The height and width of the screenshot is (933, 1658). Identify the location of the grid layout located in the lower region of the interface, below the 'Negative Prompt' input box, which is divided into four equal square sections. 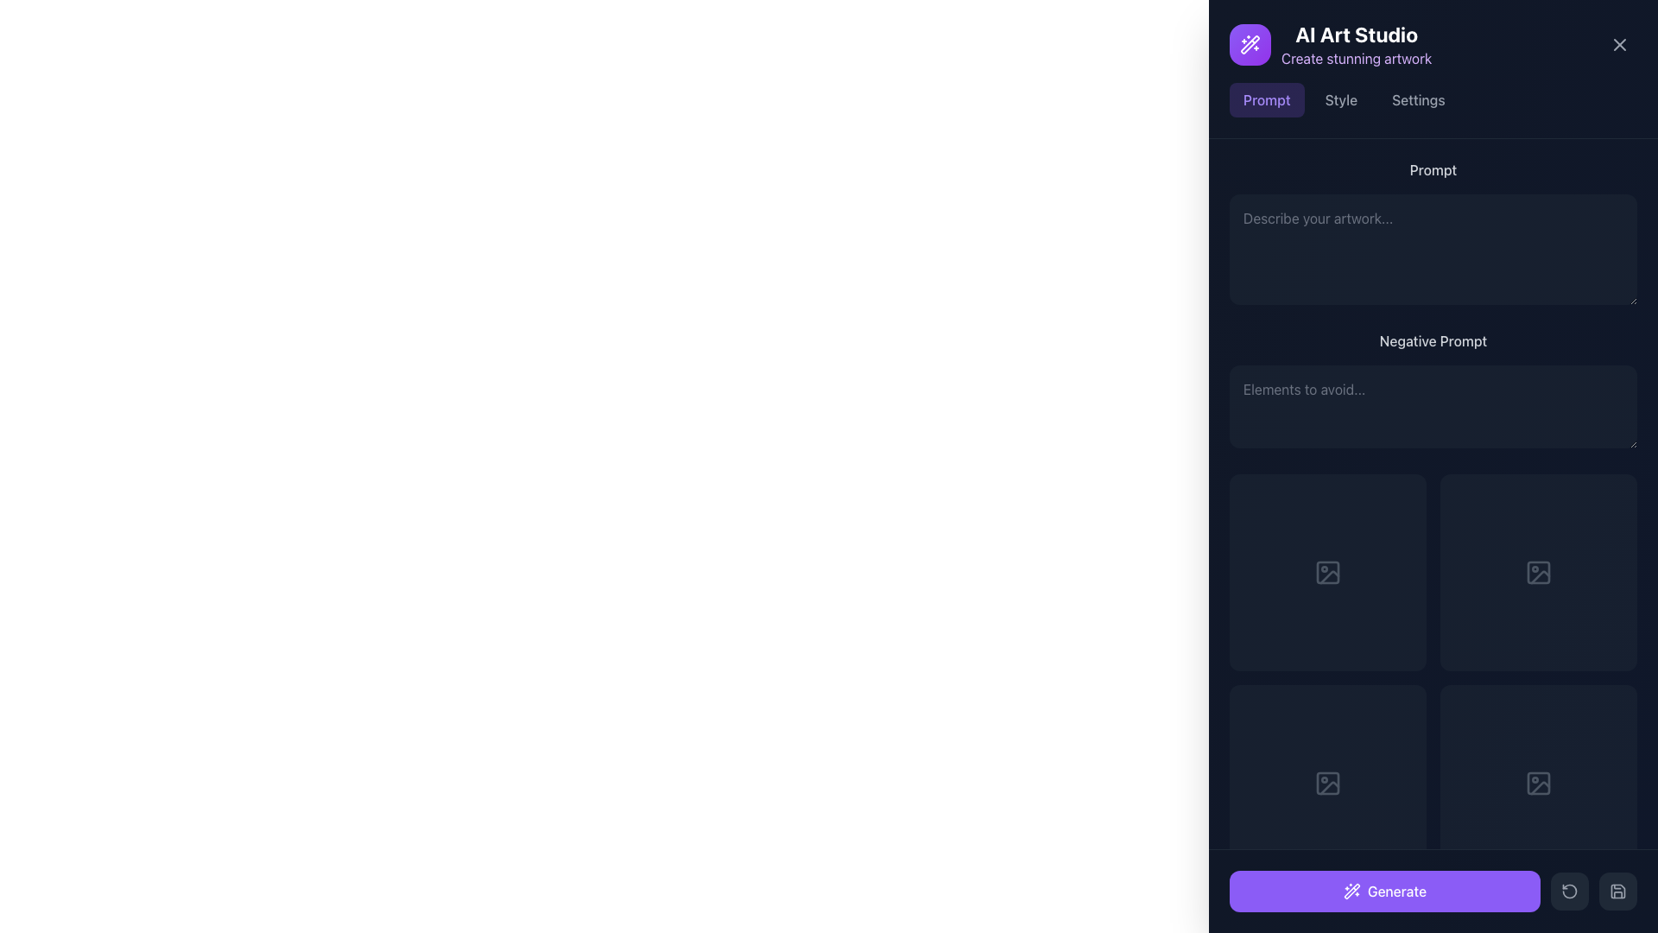
(1433, 677).